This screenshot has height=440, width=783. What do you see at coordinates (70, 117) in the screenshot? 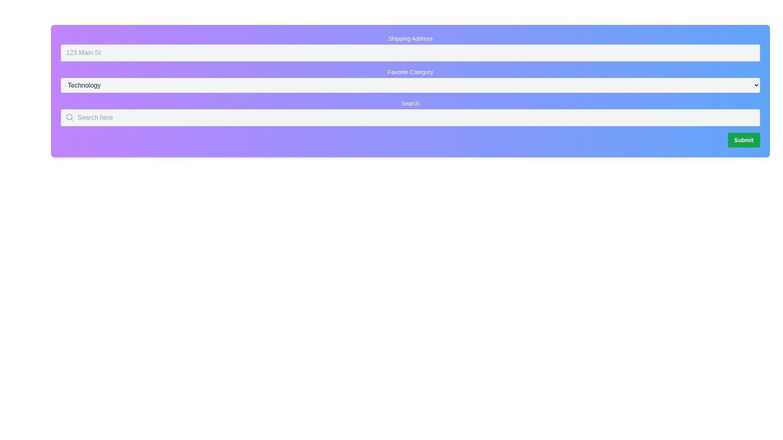
I see `the magnifying glass icon located to the left of the 'Search here' text input field` at bounding box center [70, 117].